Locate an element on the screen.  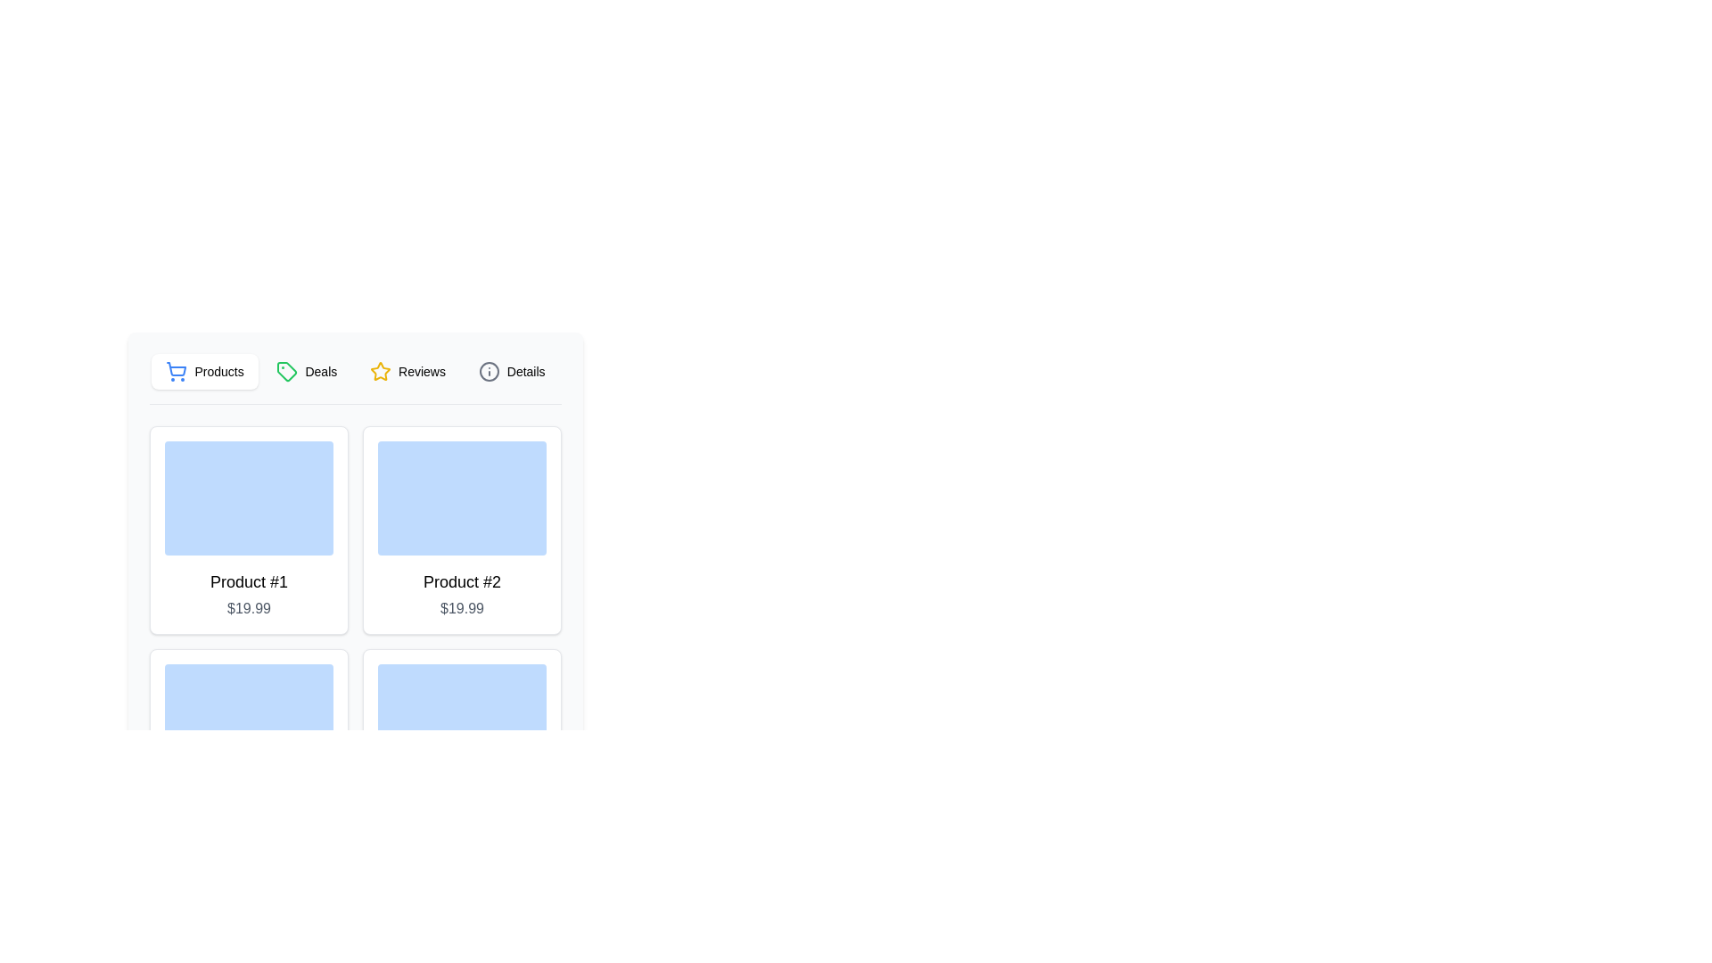
the 'Reviews' label, which is part of the horizontal navigation menu and styled with a medium font size, located third from the left is located at coordinates (421, 370).